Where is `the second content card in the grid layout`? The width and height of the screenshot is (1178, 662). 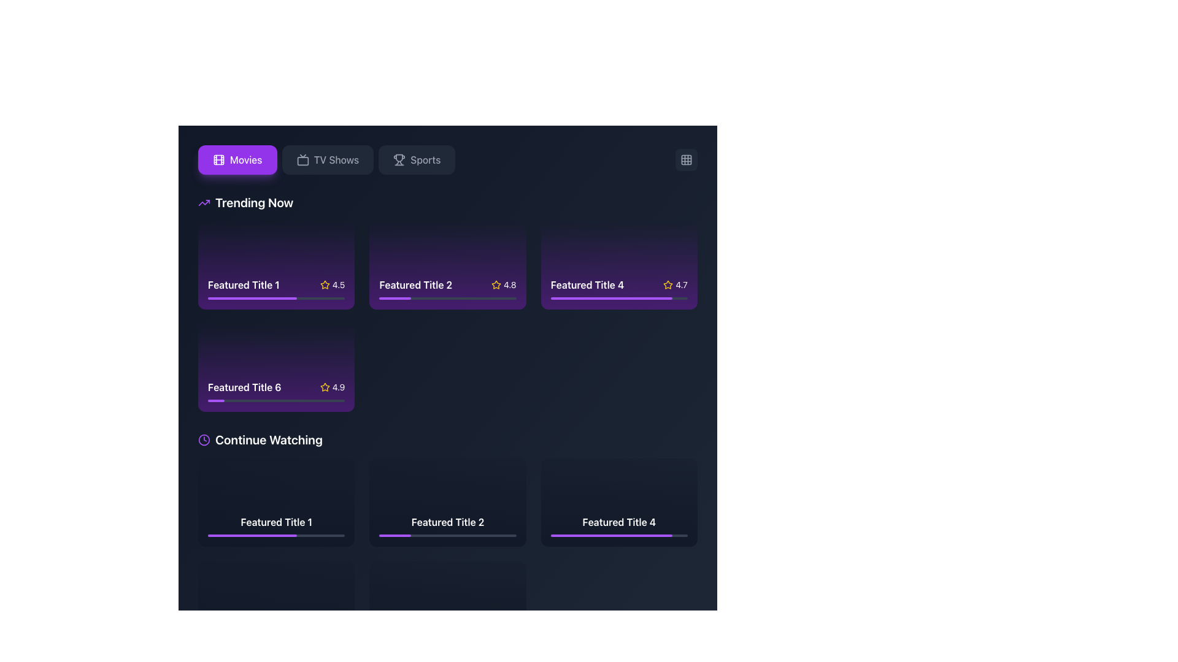 the second content card in the grid layout is located at coordinates (447, 503).